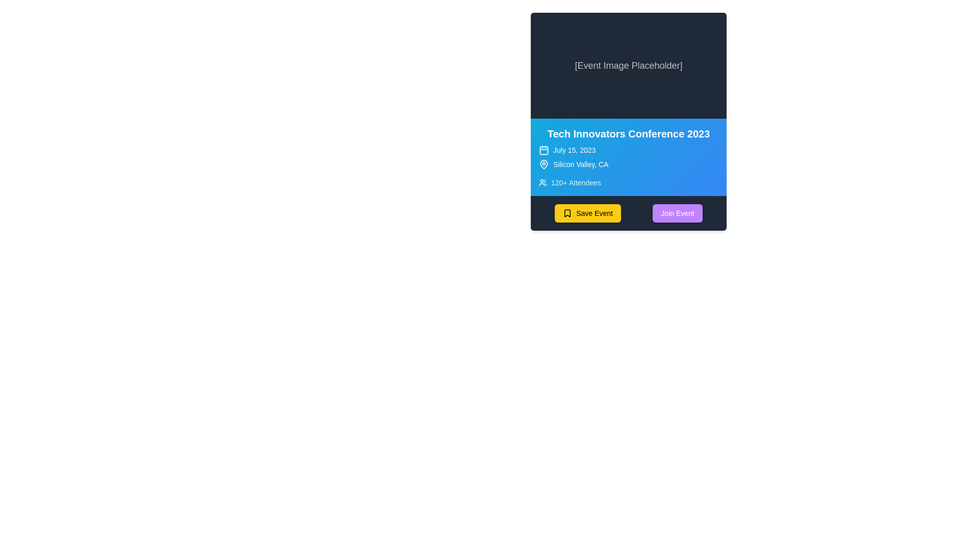 The height and width of the screenshot is (550, 979). I want to click on title text element located at the top of the blue section of the event details card, which serves as the main identifier of the card's content, so click(628, 133).